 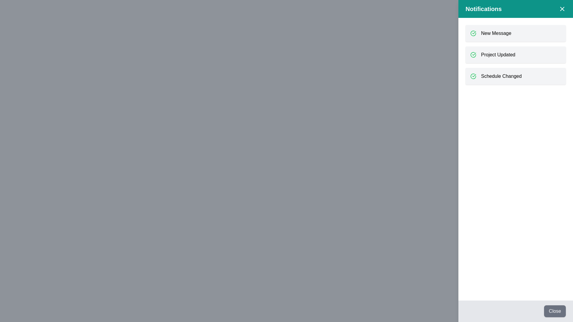 I want to click on the status indicator icon located to the left of the 'New Message' text within the notification card at the top of the list, so click(x=473, y=33).